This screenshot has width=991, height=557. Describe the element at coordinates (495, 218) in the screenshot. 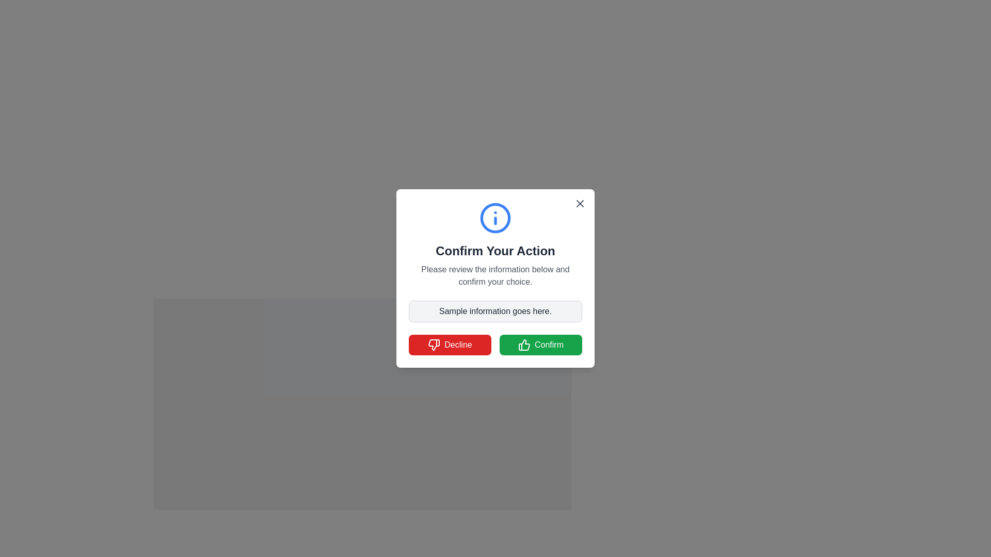

I see `the informational icon located at the top center of the confirmation dialog box, which is above the header text 'Confirm Your Action'` at that location.